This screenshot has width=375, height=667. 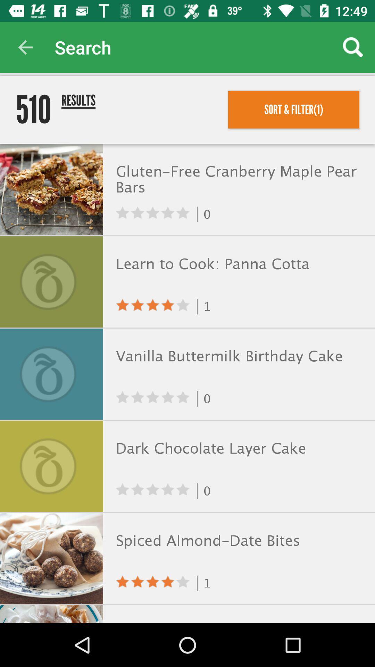 I want to click on the vanilla buttermilk birthday item, so click(x=237, y=356).